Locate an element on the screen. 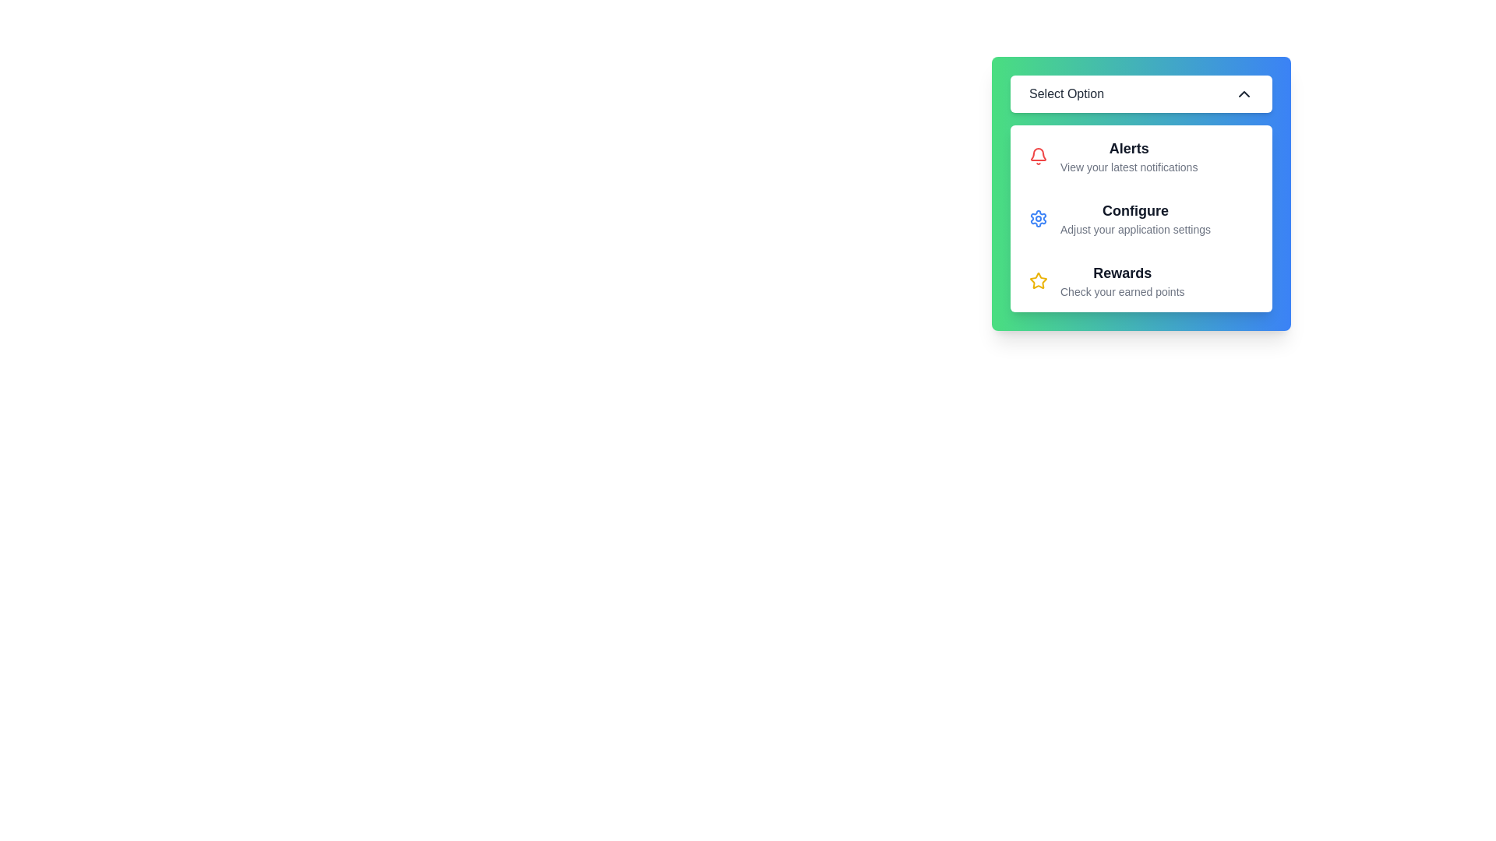  the gear-shaped settings icon styled in blue, located to the left of the 'Configure' text in the list menu is located at coordinates (1039, 219).